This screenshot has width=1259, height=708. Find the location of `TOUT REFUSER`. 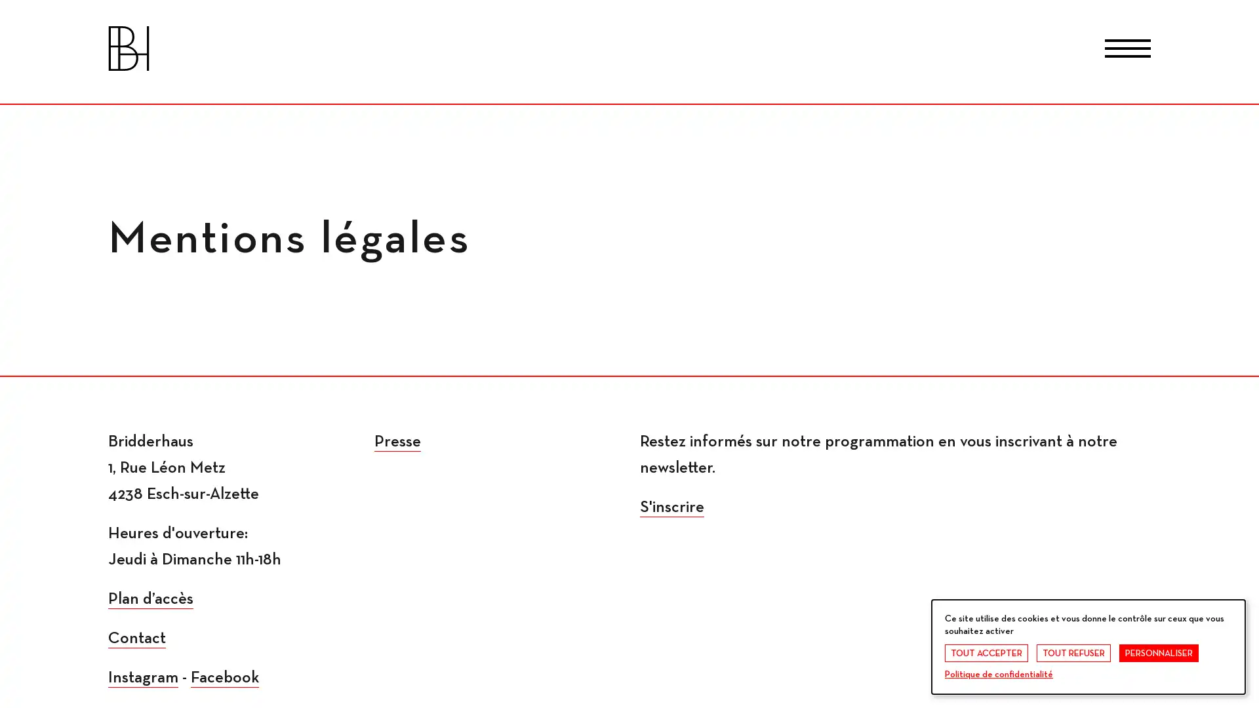

TOUT REFUSER is located at coordinates (1073, 653).